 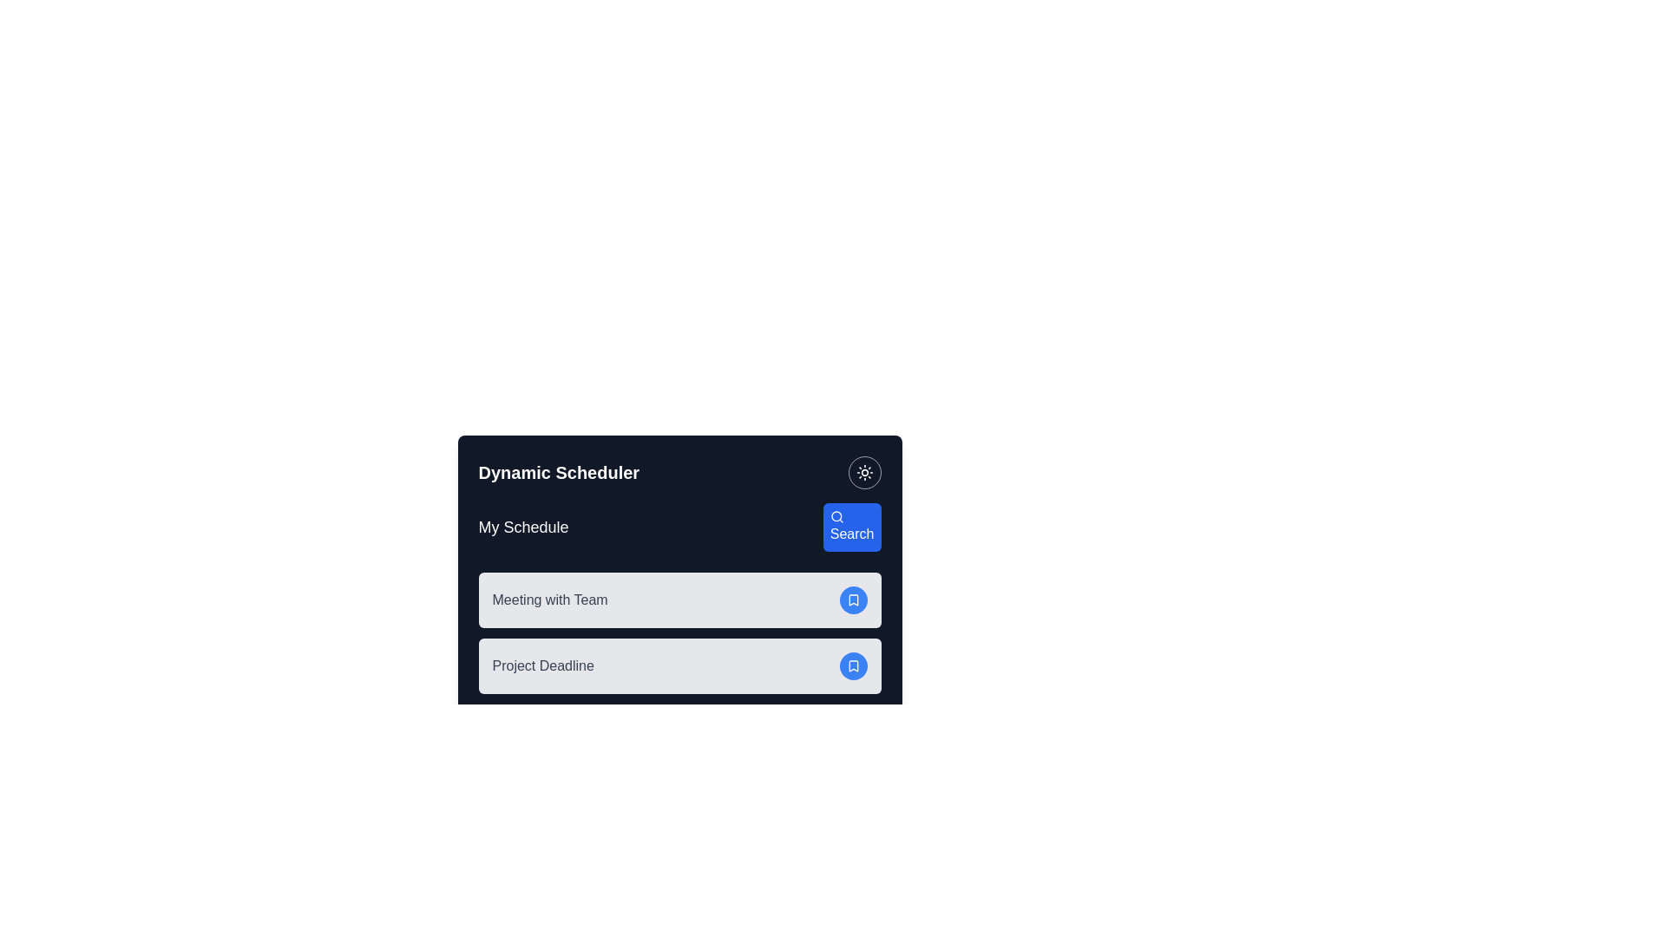 What do you see at coordinates (853, 665) in the screenshot?
I see `the bookmark icon within the blue circular button on the far-right of the 'Project Deadline' list item` at bounding box center [853, 665].